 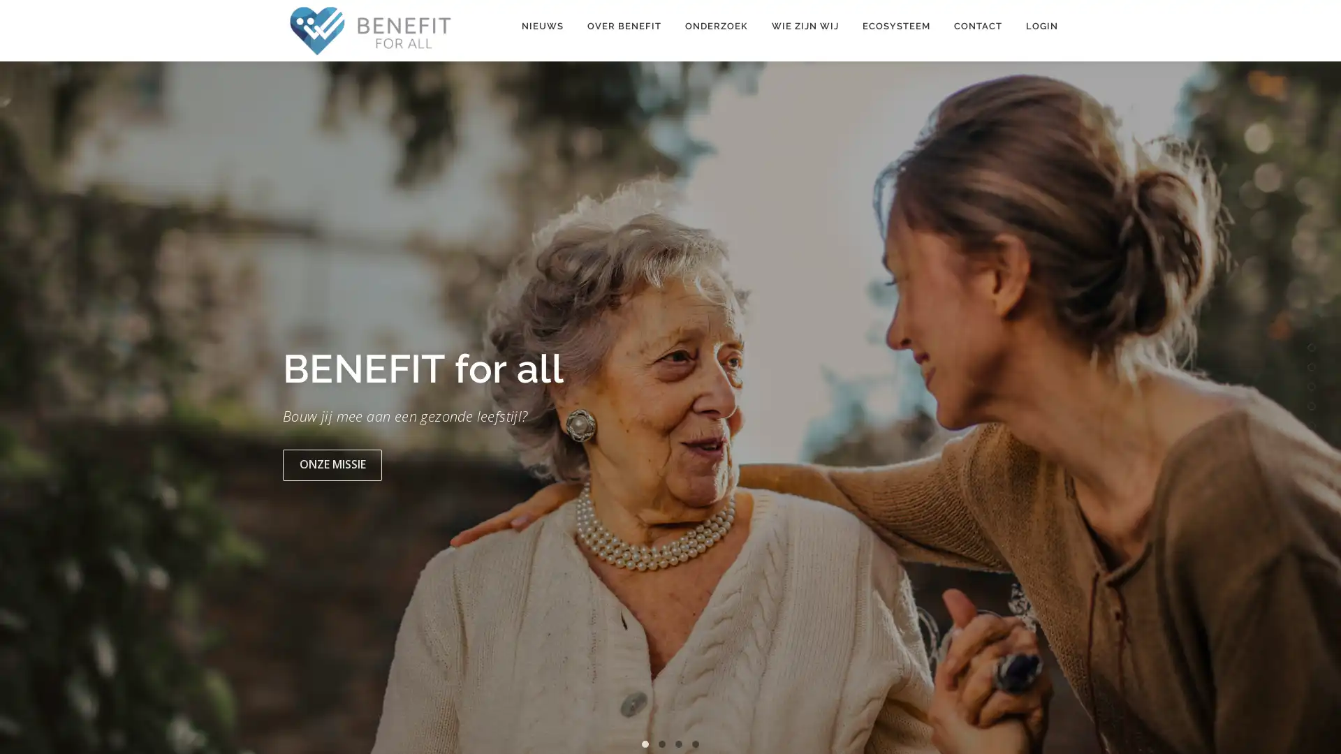 What do you see at coordinates (26, 411) in the screenshot?
I see `Previous` at bounding box center [26, 411].